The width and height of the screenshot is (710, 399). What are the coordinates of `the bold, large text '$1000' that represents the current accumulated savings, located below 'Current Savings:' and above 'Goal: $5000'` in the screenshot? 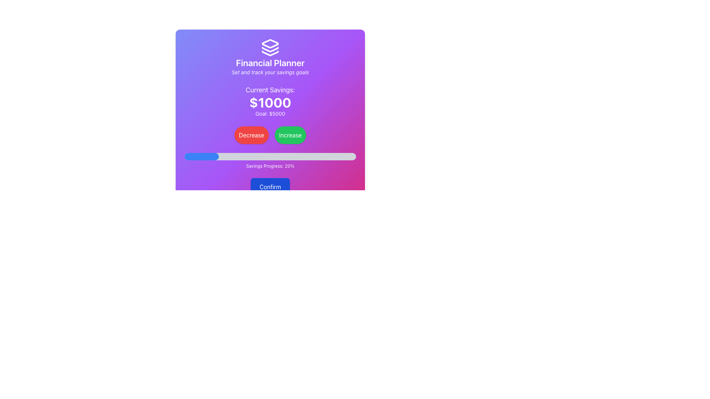 It's located at (270, 102).